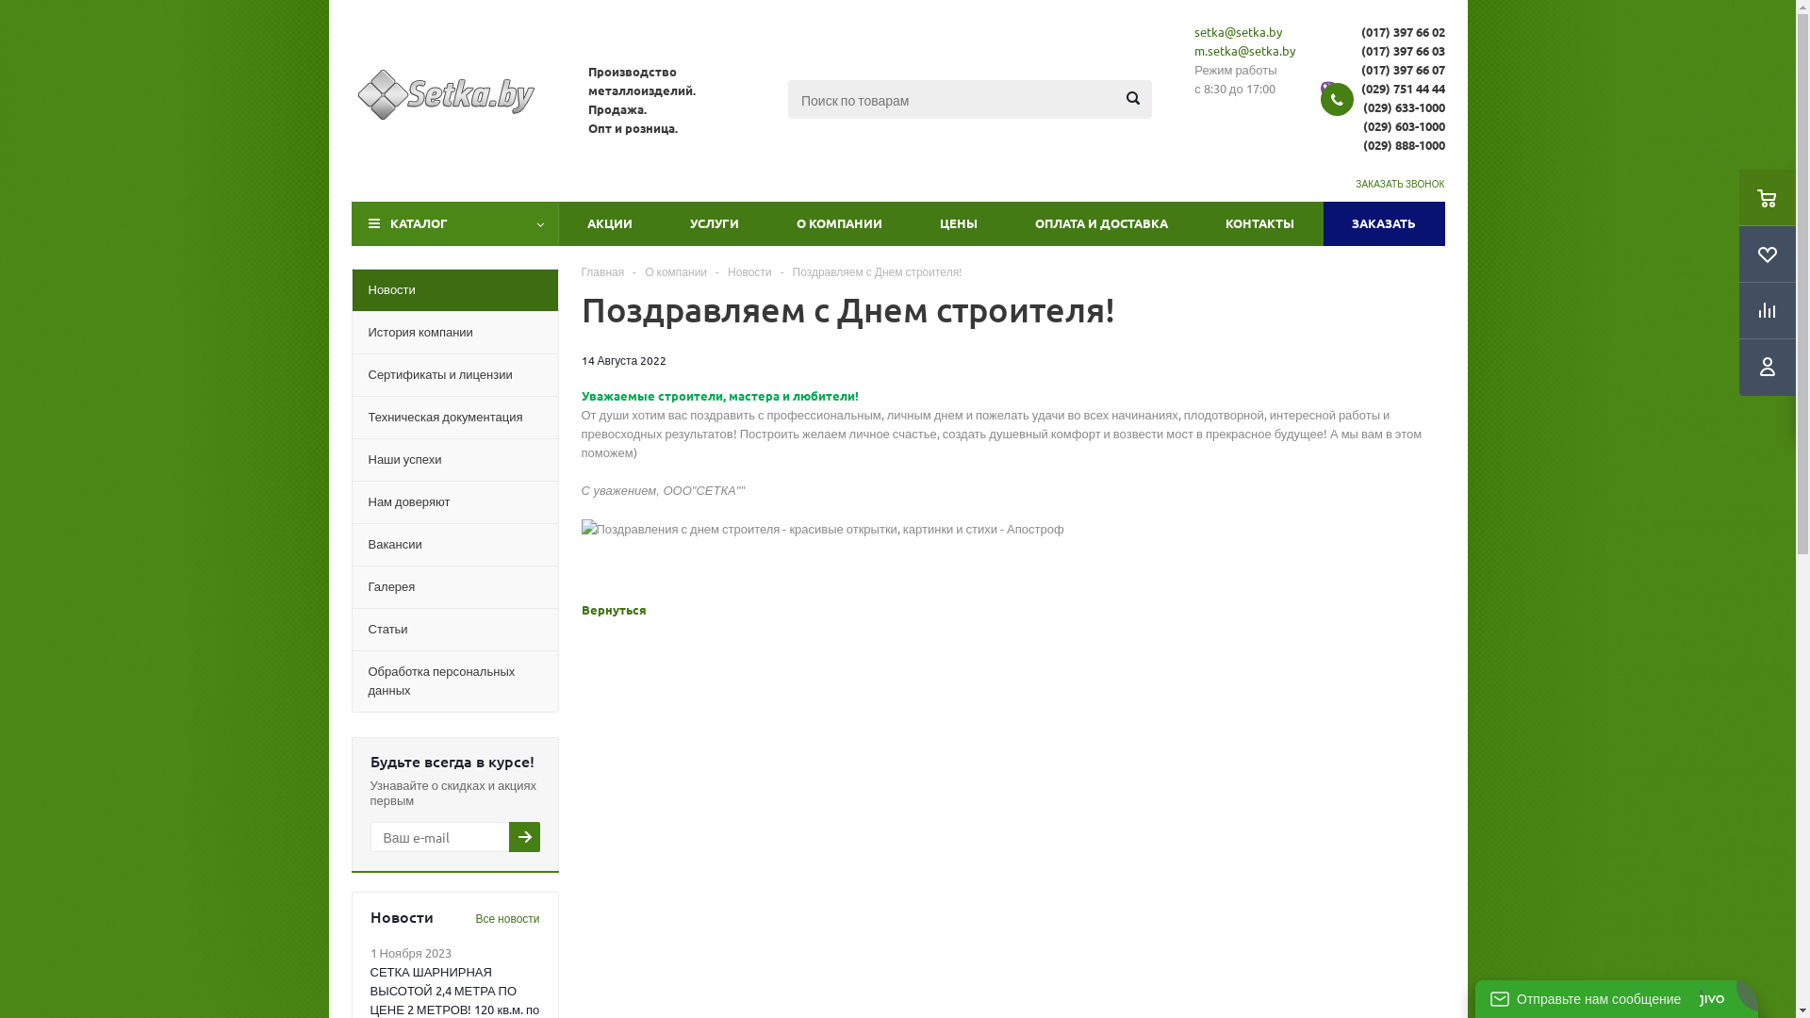  Describe the element at coordinates (1193, 31) in the screenshot. I see `'setka@setka.by'` at that location.